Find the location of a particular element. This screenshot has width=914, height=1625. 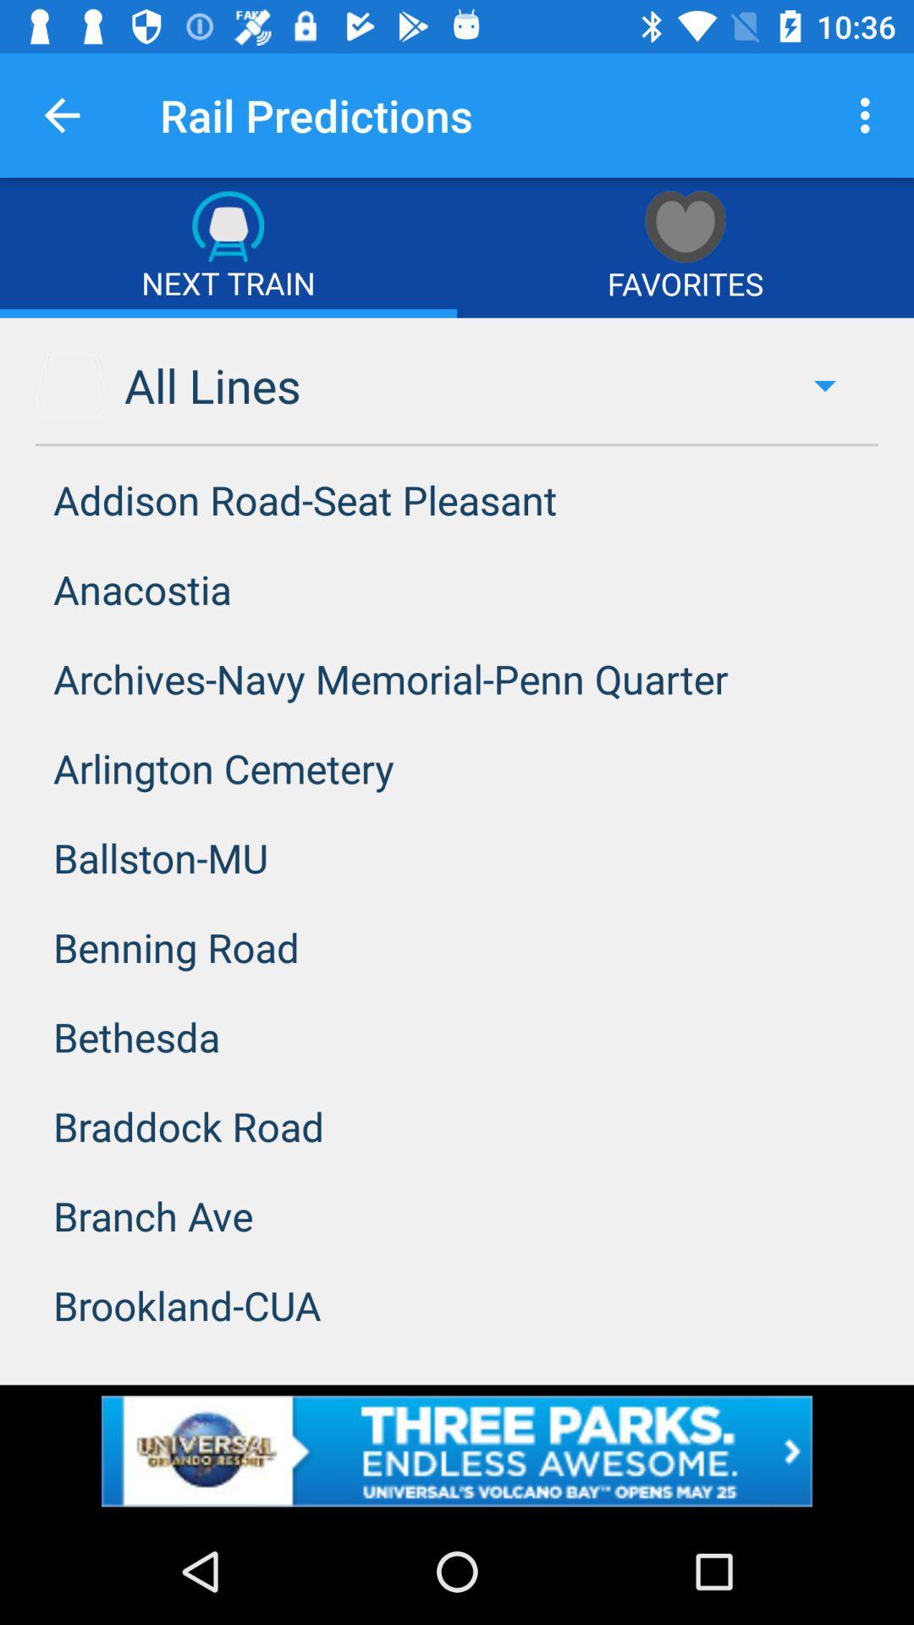

advertisement page is located at coordinates (457, 1450).